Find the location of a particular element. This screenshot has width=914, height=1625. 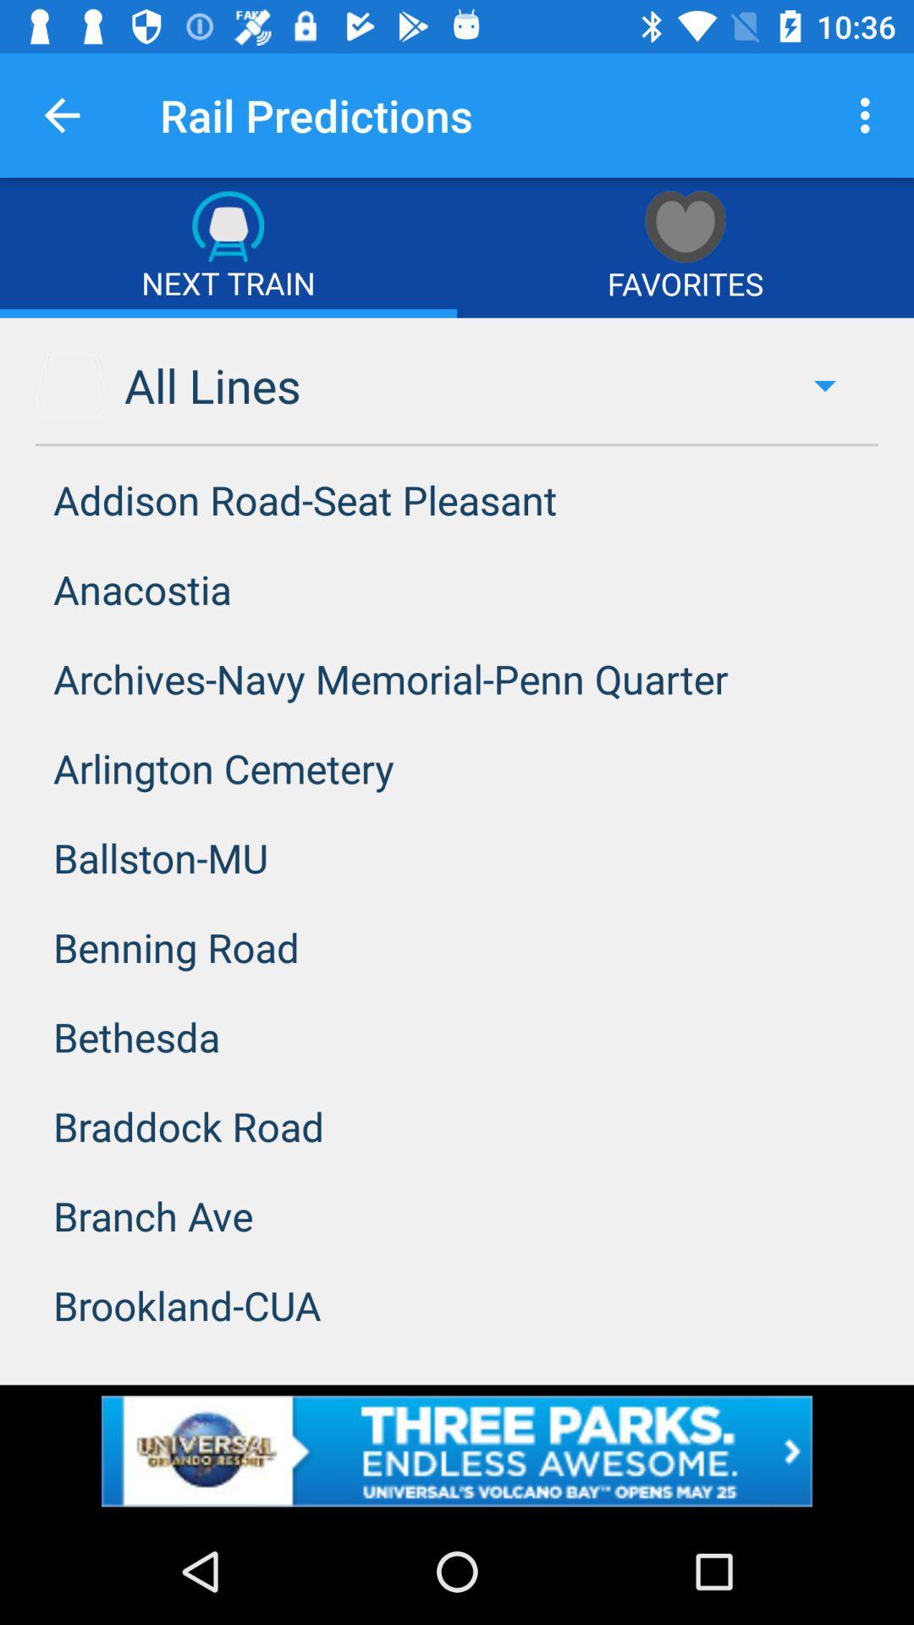

advertisement page is located at coordinates (457, 1450).